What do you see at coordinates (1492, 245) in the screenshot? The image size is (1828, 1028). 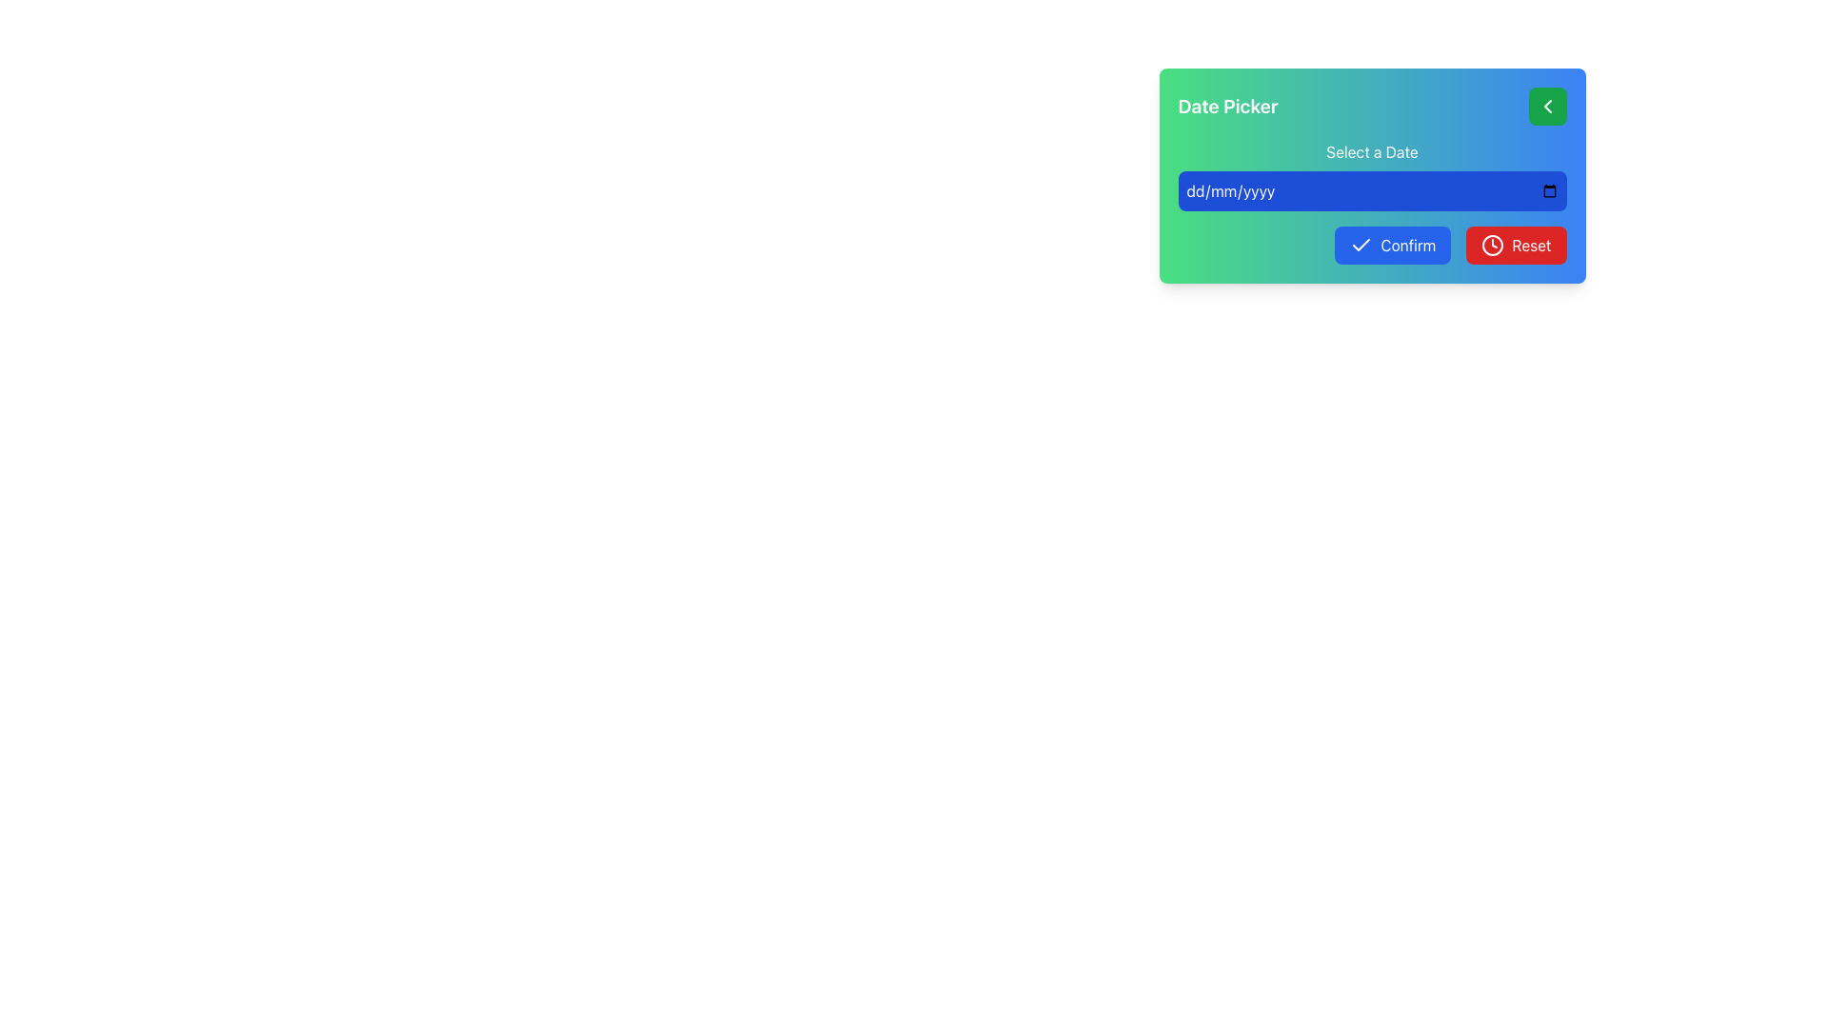 I see `the 'Reset' button located in the bottom-right corner of the component` at bounding box center [1492, 245].